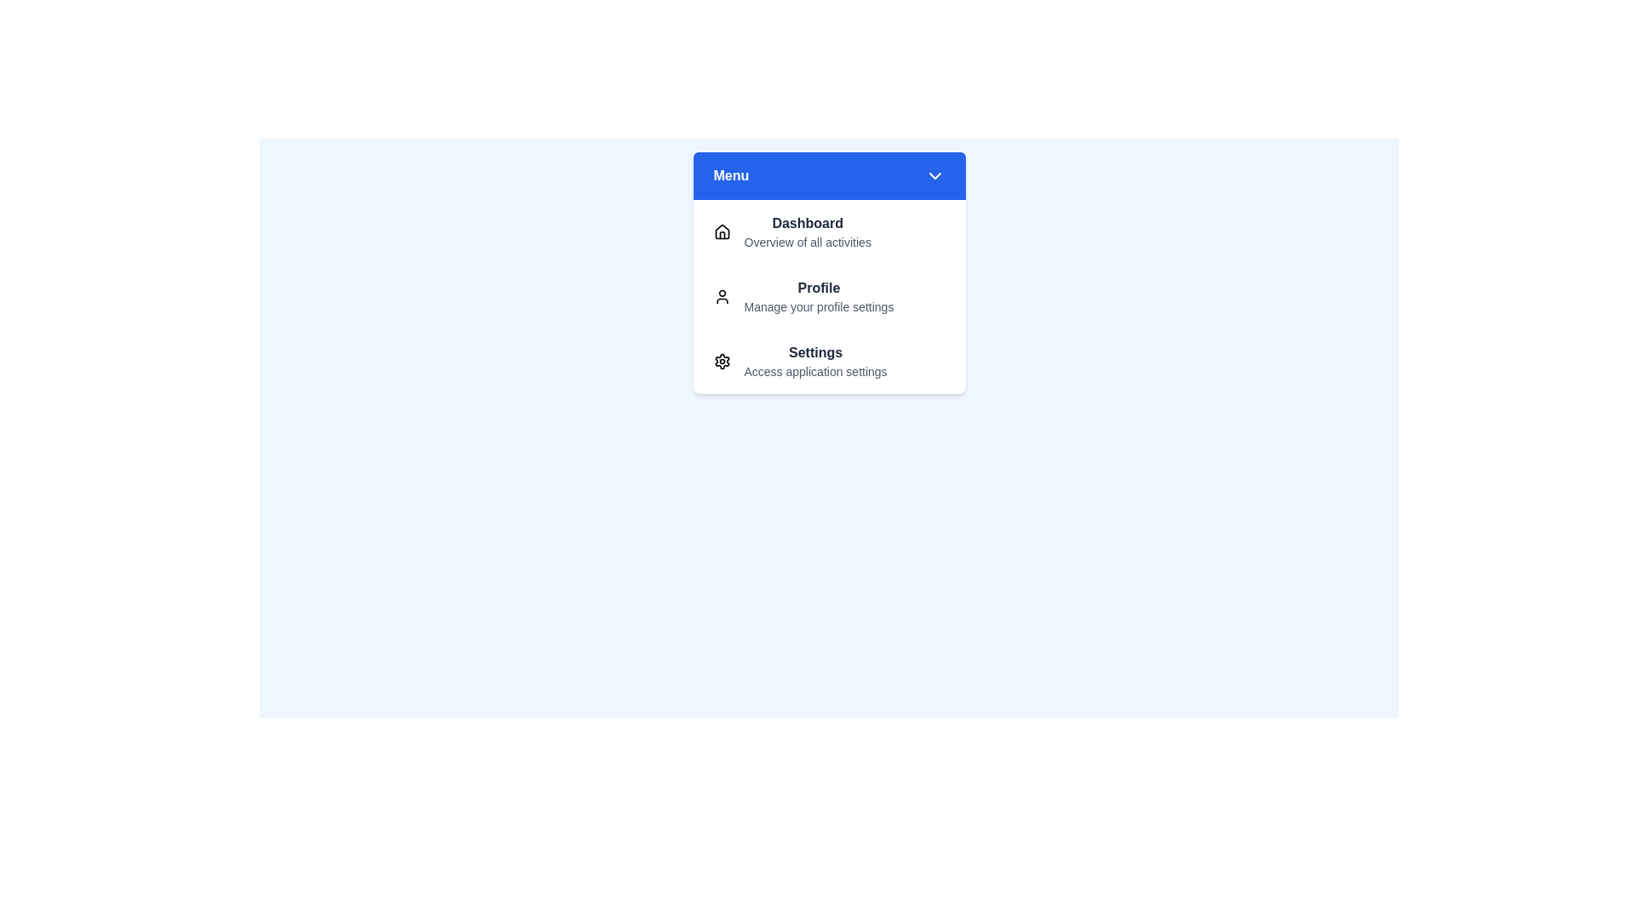  I want to click on the menu item corresponding to Settings, so click(829, 360).